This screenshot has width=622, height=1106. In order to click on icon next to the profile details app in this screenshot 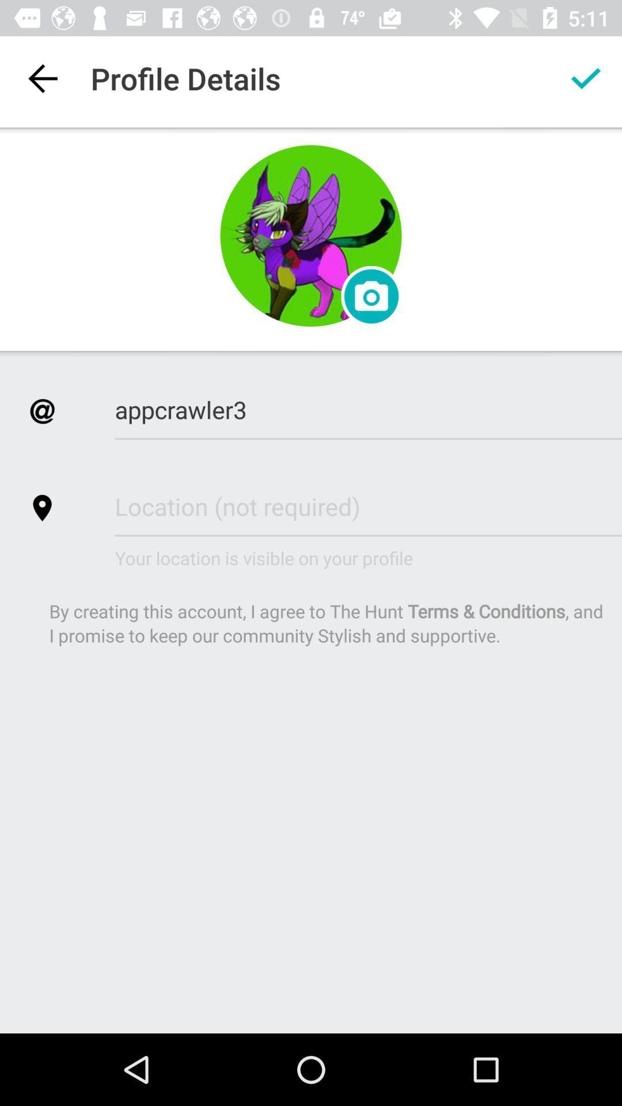, I will do `click(41, 78)`.